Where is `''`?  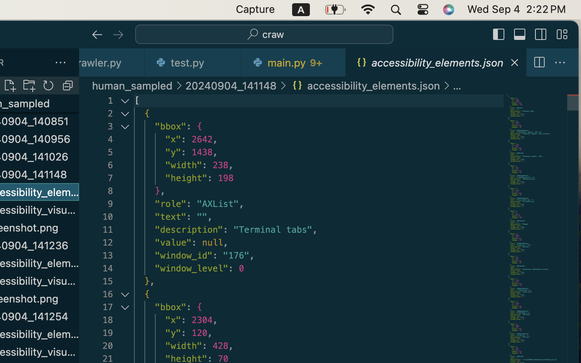 '' is located at coordinates (520, 34).